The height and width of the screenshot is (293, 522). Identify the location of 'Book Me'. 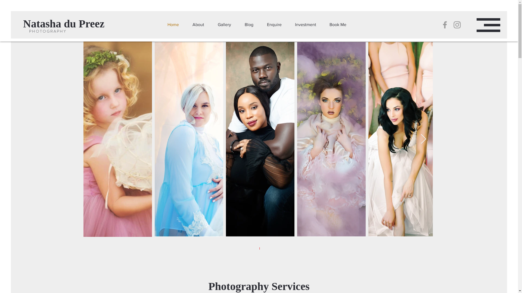
(338, 25).